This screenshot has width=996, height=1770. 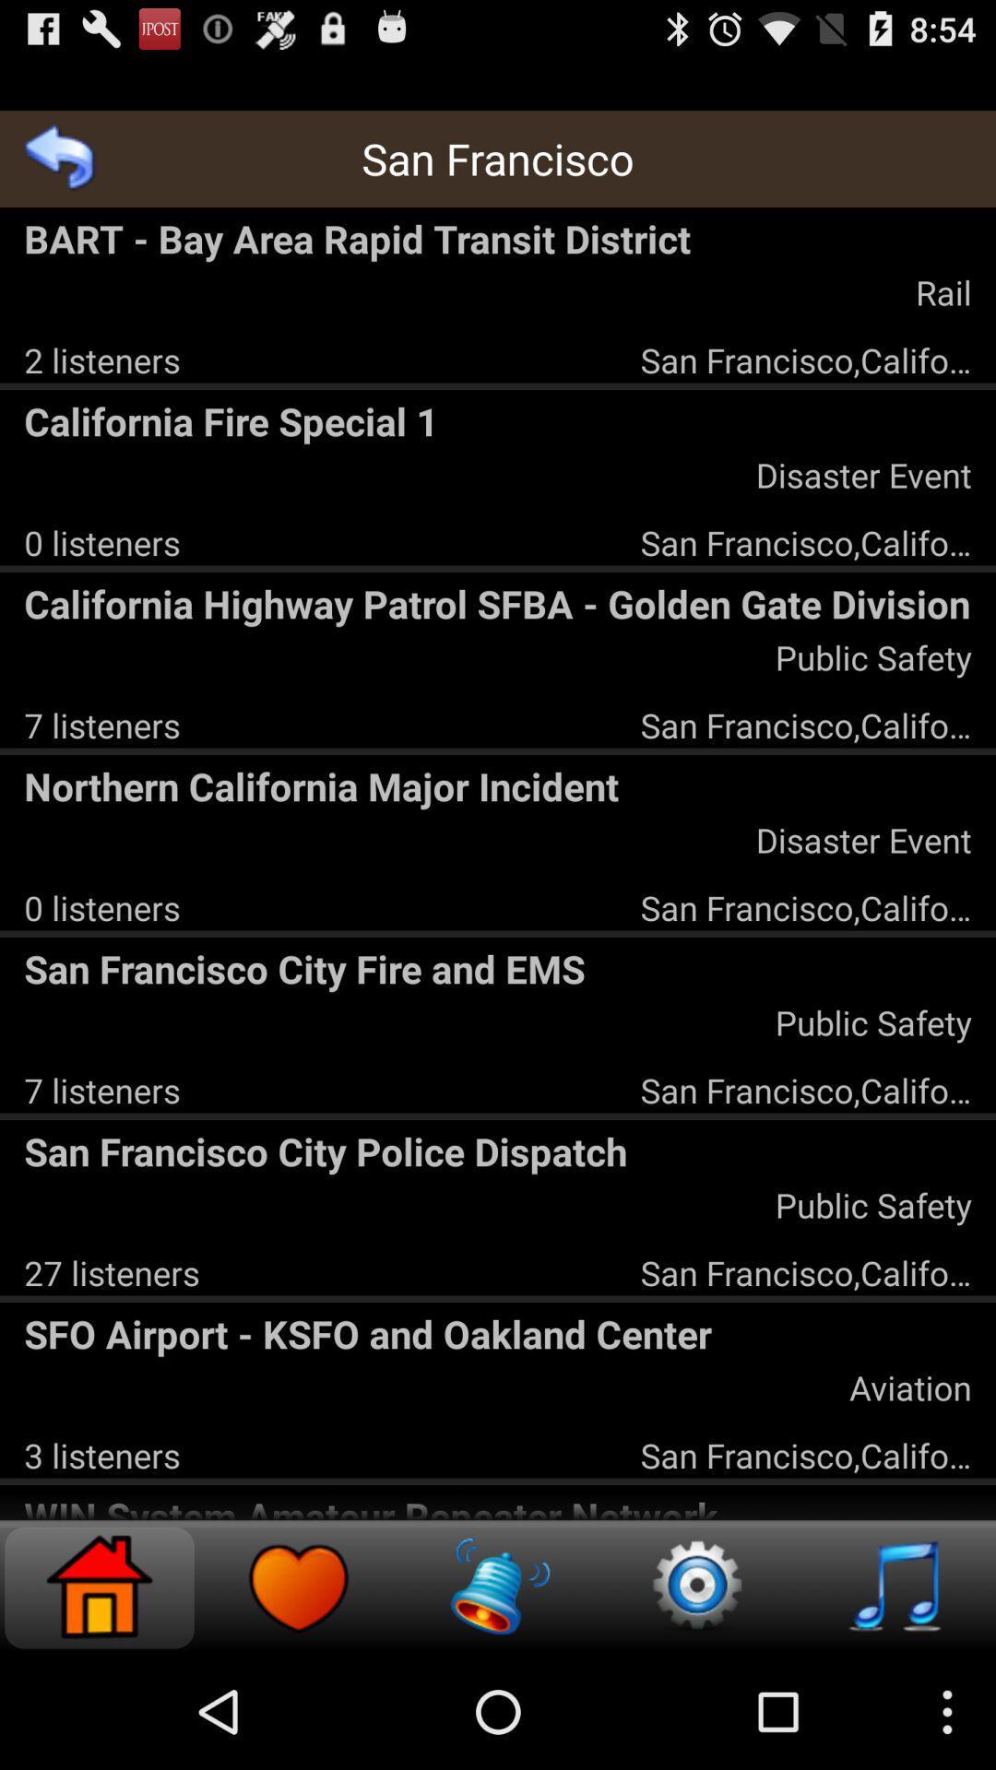 I want to click on the app above the bart bay area, so click(x=59, y=159).